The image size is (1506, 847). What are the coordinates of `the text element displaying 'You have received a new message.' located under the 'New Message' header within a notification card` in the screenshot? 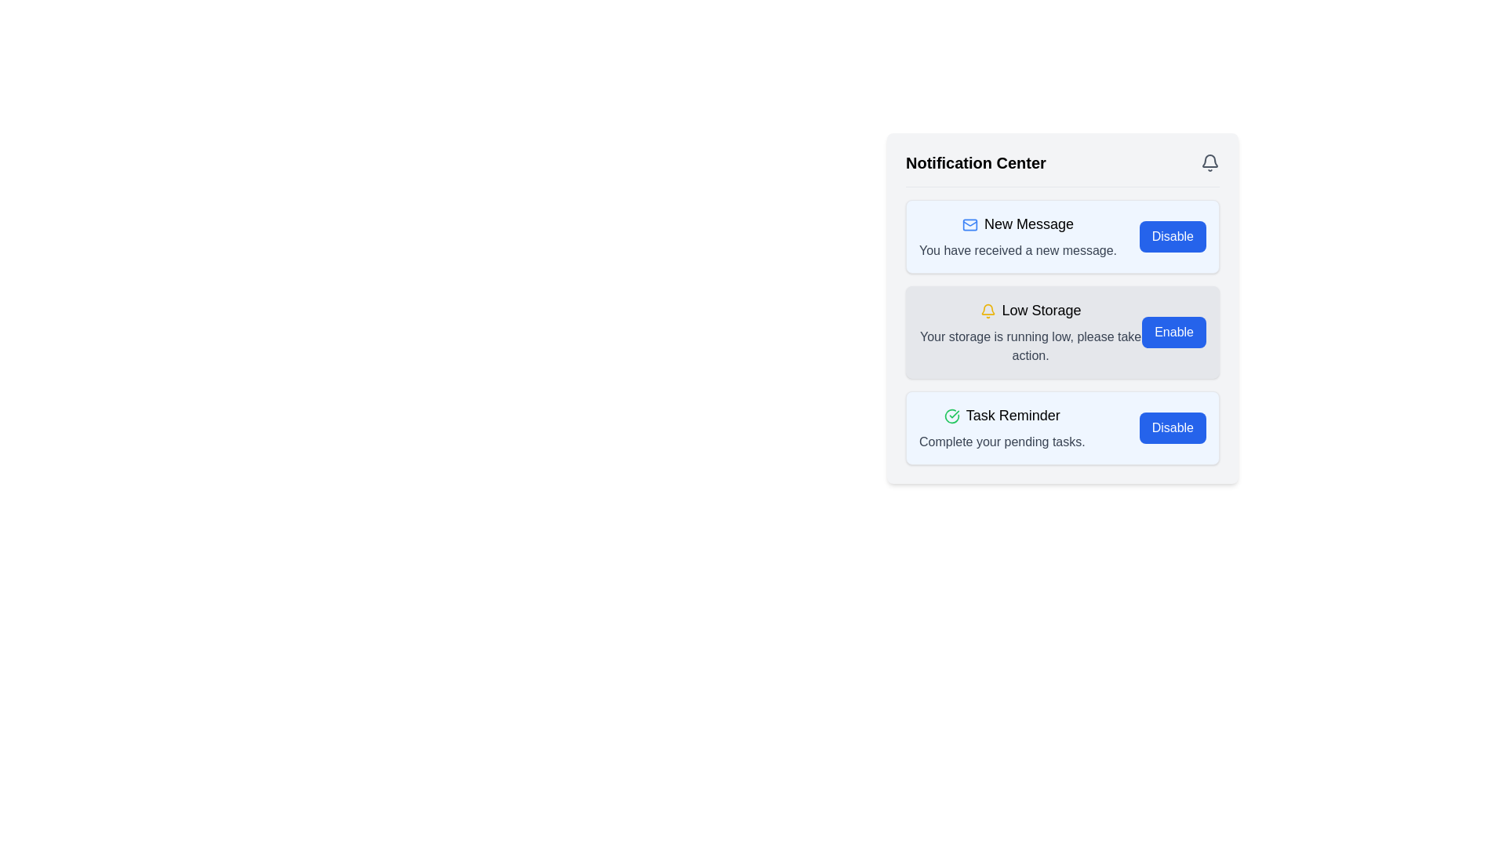 It's located at (1017, 250).